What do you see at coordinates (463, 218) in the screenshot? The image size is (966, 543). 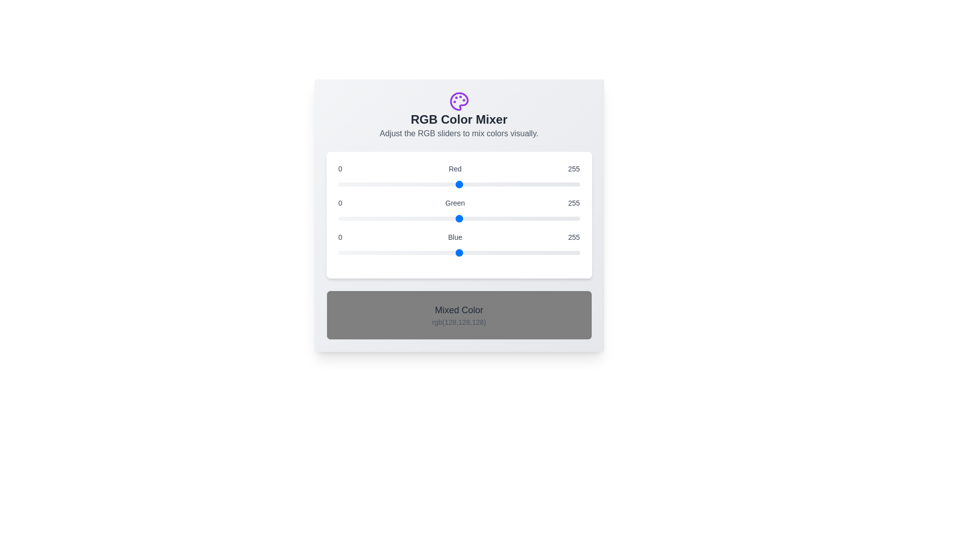 I see `the green slider to set the green component to 132` at bounding box center [463, 218].